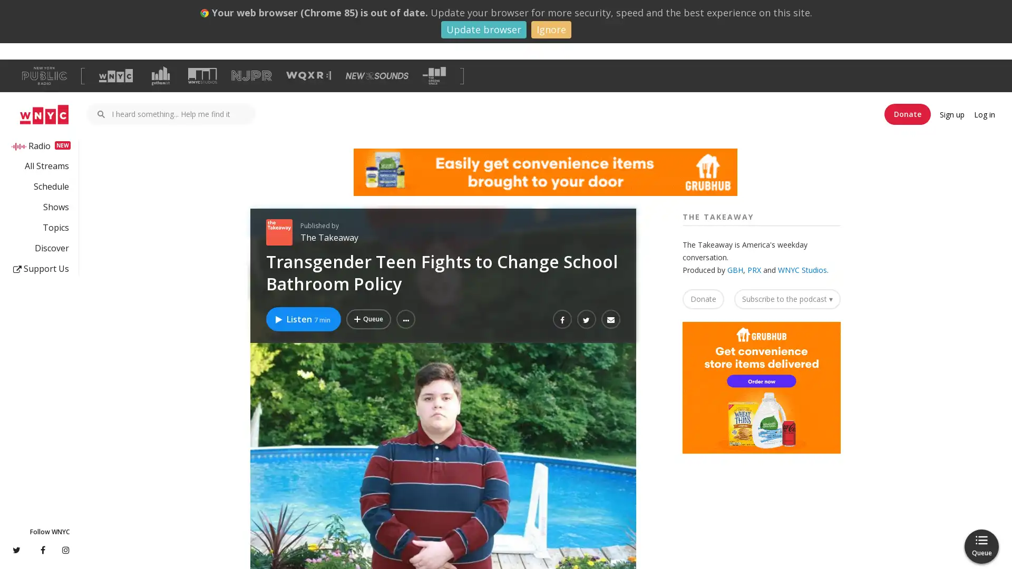 The width and height of the screenshot is (1012, 569). What do you see at coordinates (981, 546) in the screenshot?
I see `Queue` at bounding box center [981, 546].